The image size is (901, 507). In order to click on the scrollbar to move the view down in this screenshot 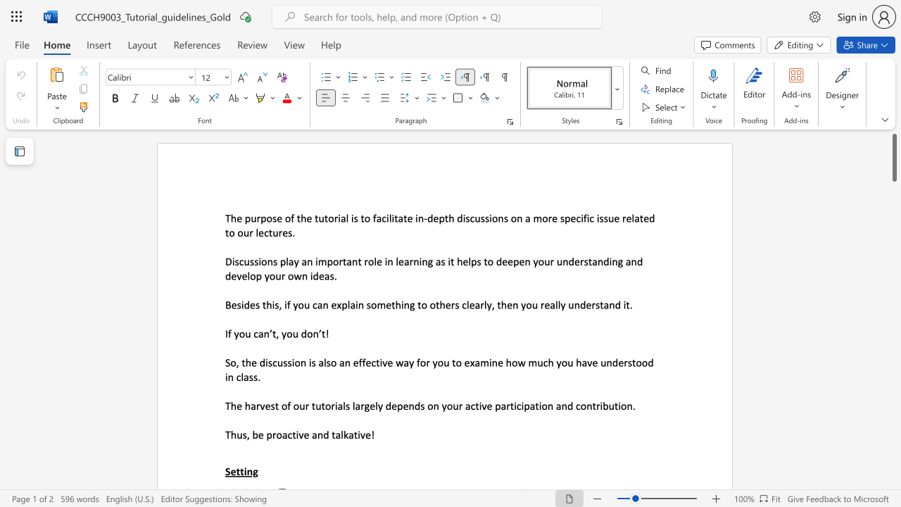, I will do `click(893, 444)`.